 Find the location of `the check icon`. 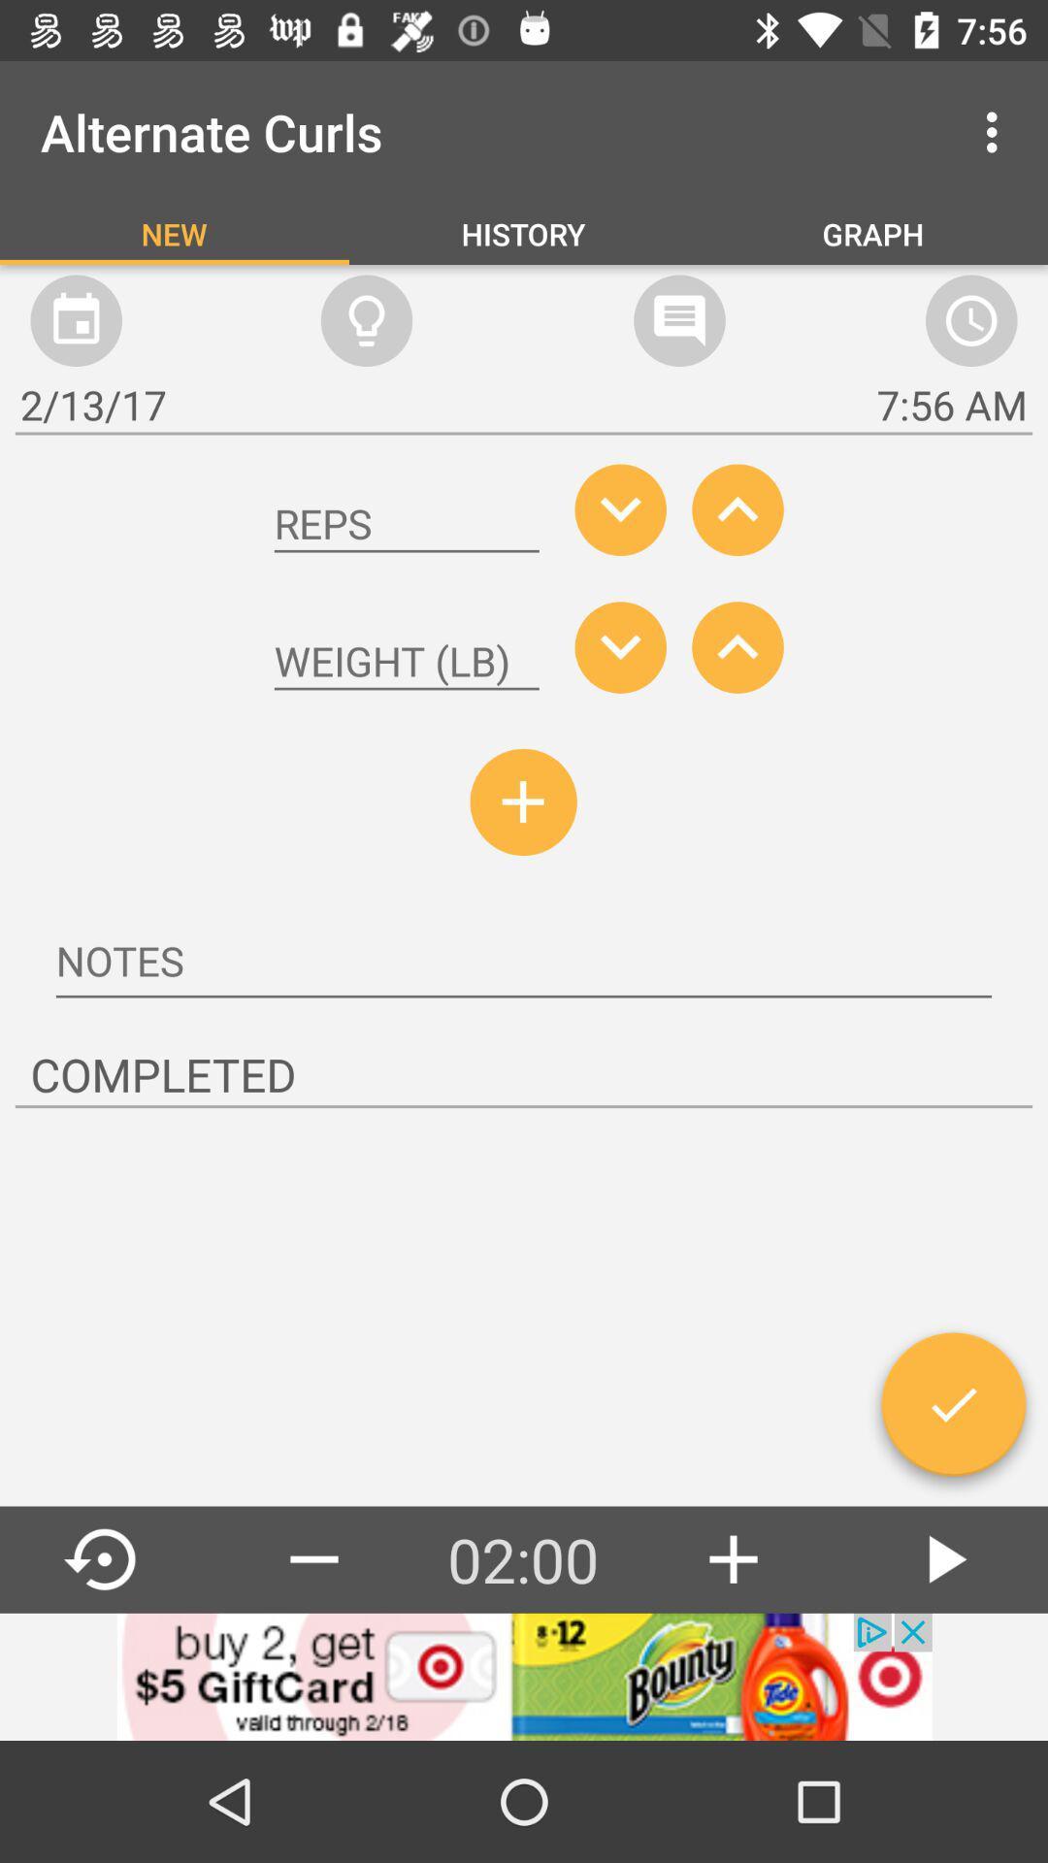

the check icon is located at coordinates (952, 1412).